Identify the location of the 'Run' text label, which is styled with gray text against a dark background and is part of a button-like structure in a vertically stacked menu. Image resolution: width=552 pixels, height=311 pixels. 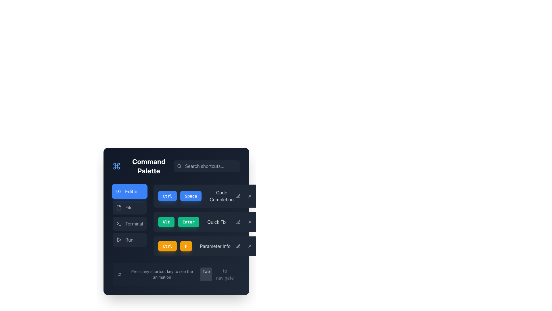
(129, 240).